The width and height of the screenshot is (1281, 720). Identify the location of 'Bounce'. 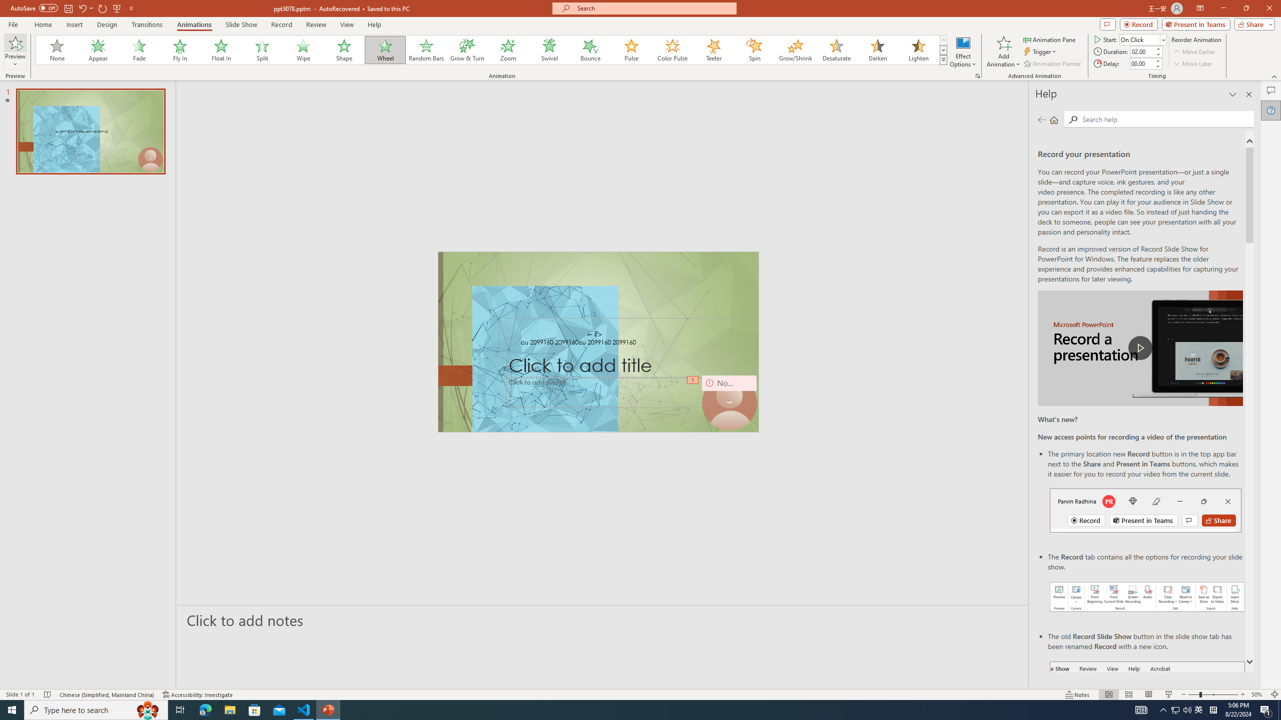
(590, 49).